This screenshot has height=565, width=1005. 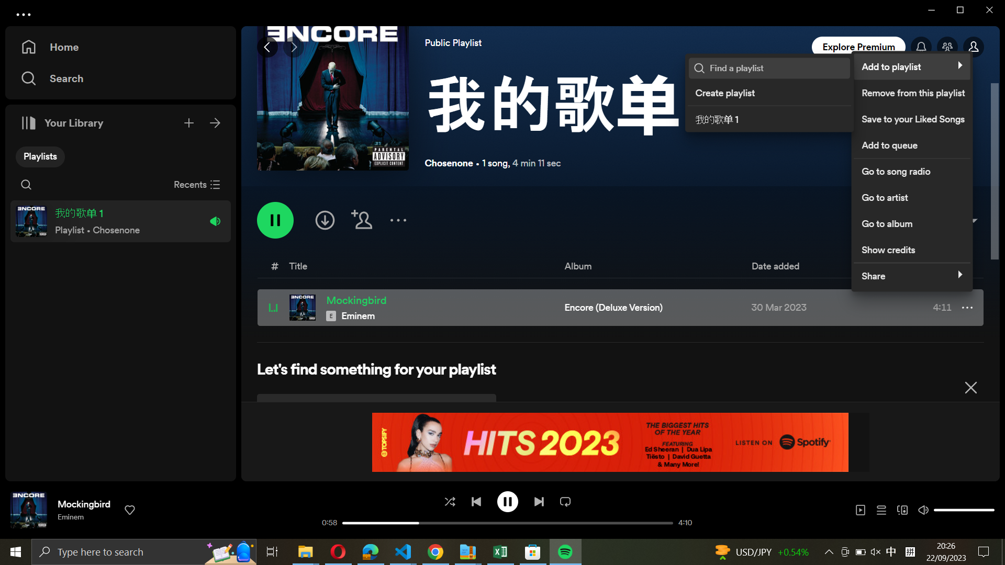 What do you see at coordinates (538, 500) in the screenshot?
I see `Start the upcoming track` at bounding box center [538, 500].